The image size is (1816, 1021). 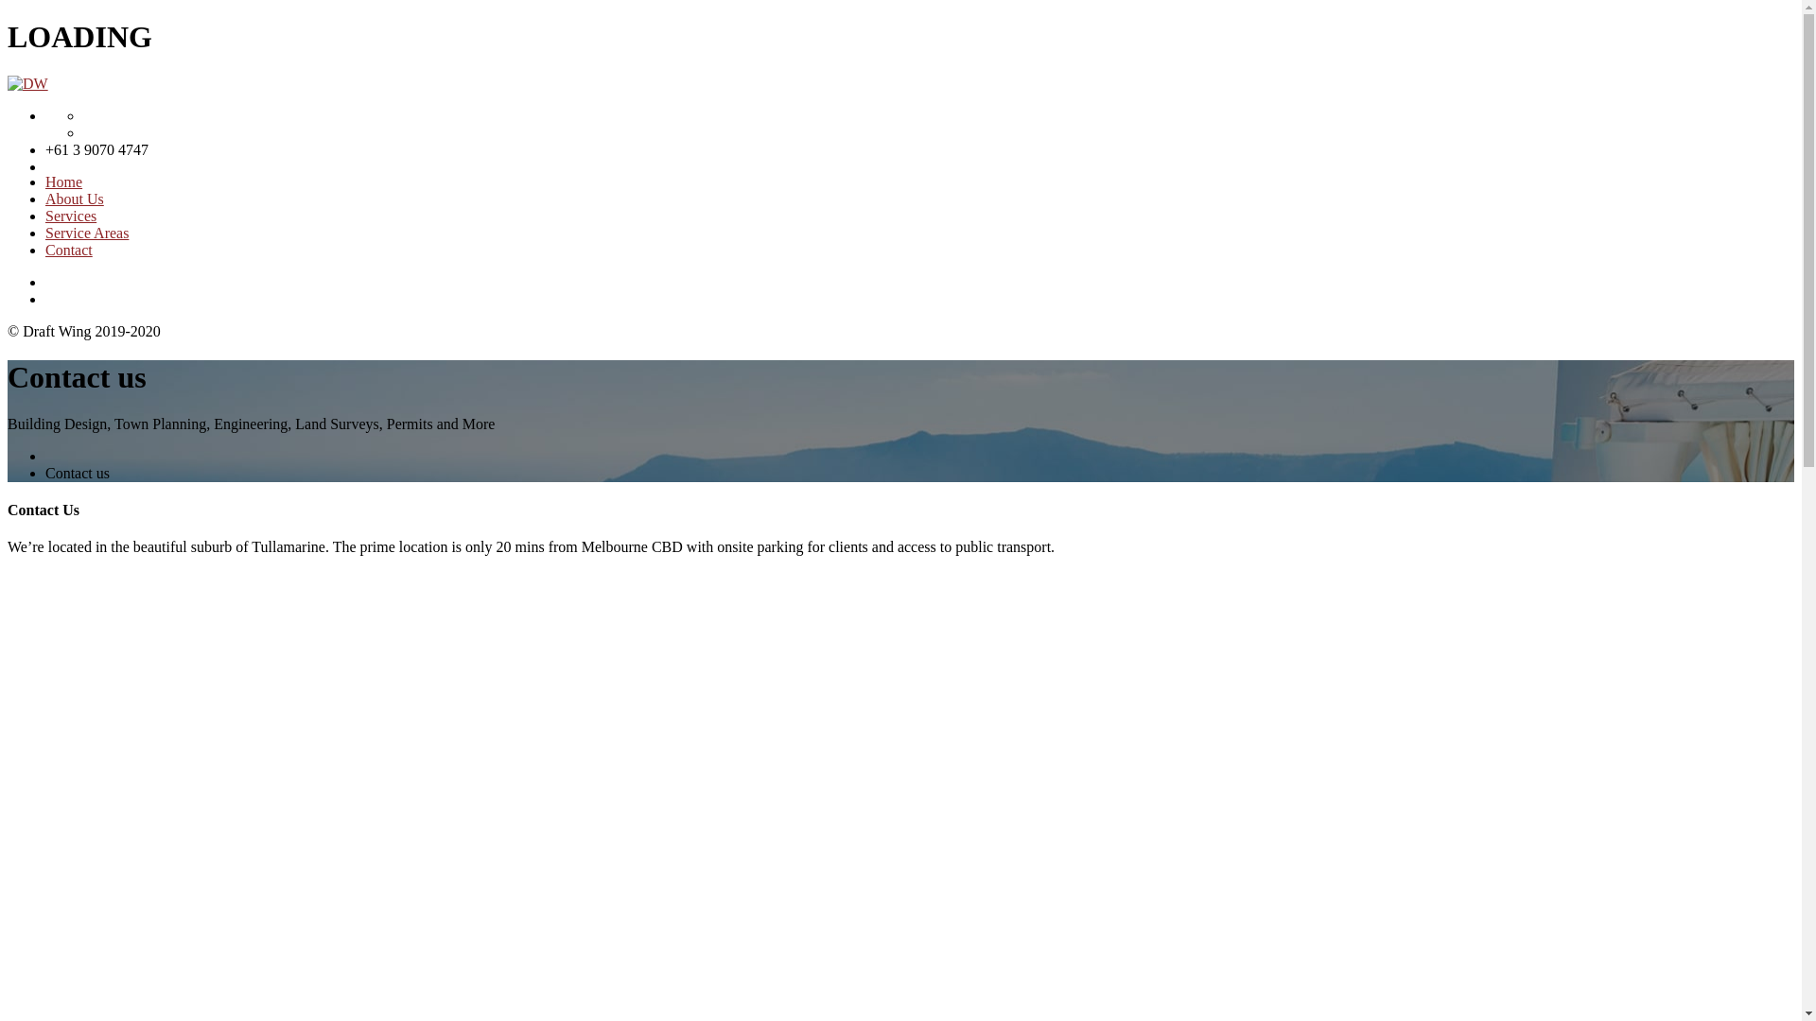 What do you see at coordinates (68, 249) in the screenshot?
I see `'Contact'` at bounding box center [68, 249].